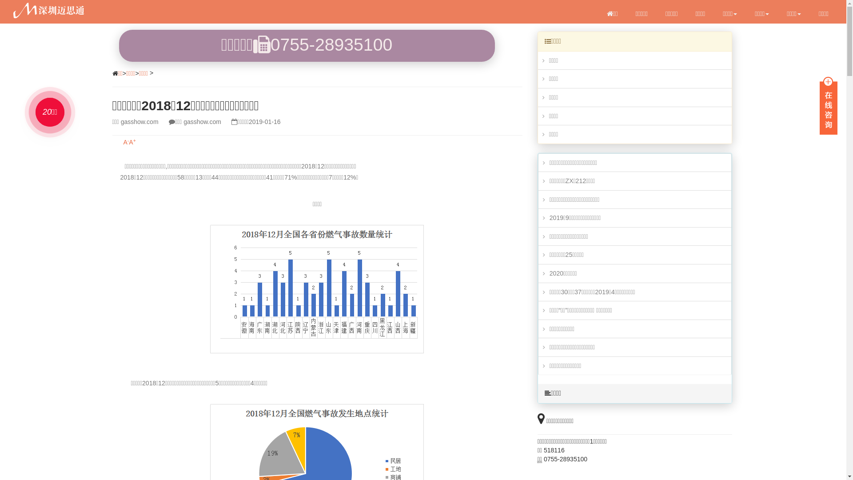 This screenshot has width=853, height=480. What do you see at coordinates (126, 142) in the screenshot?
I see `'A-'` at bounding box center [126, 142].